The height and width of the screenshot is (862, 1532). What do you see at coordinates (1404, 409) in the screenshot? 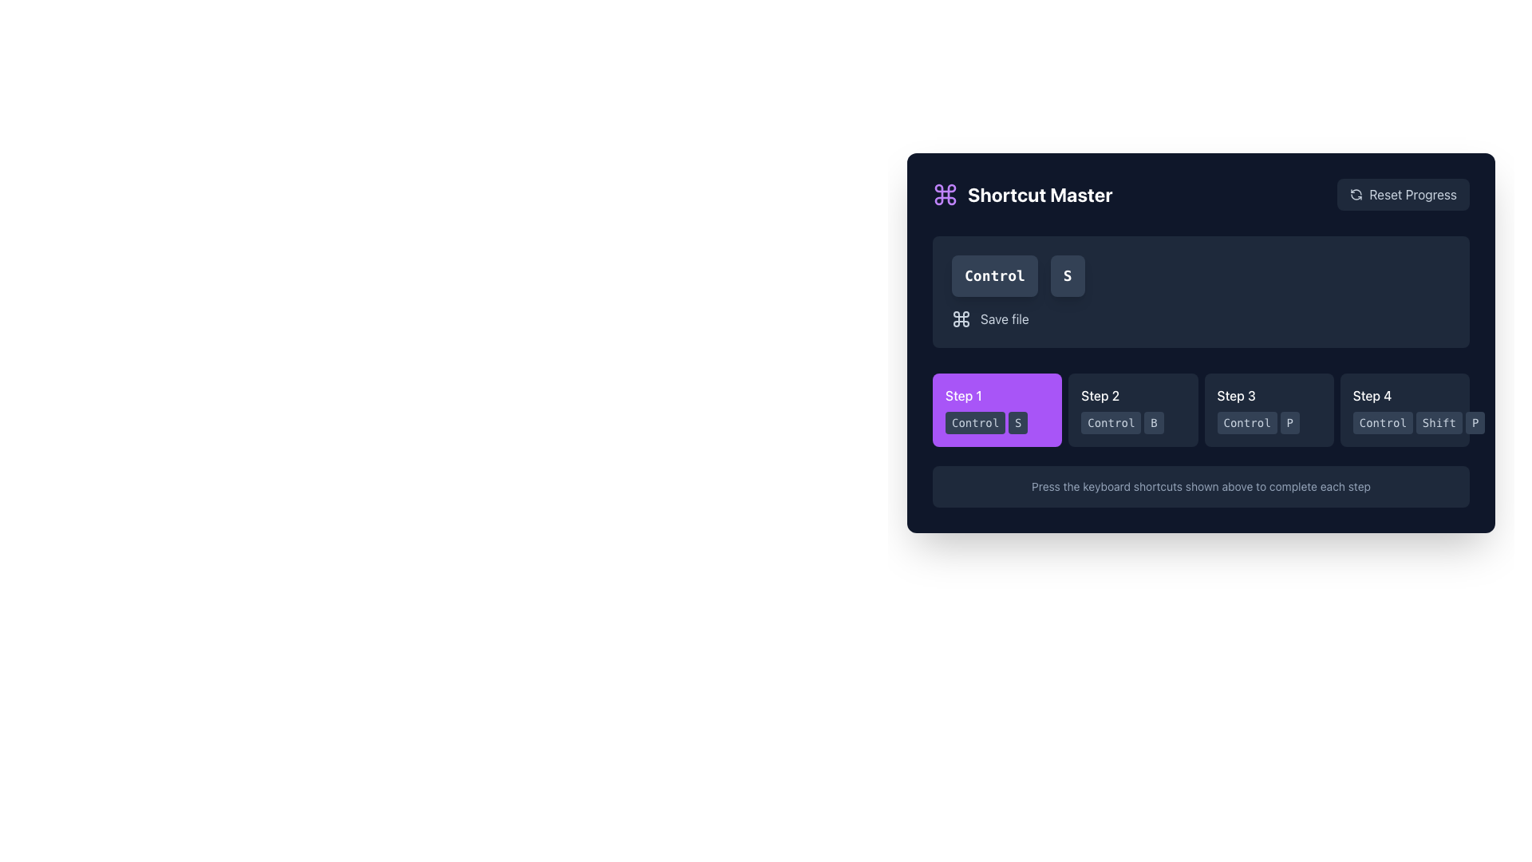
I see `the buttons labeled 'Control', 'Shift', and 'P' in the 'Step 4' guide element, positioned at the bottom-right corner of the grid layout` at bounding box center [1404, 409].